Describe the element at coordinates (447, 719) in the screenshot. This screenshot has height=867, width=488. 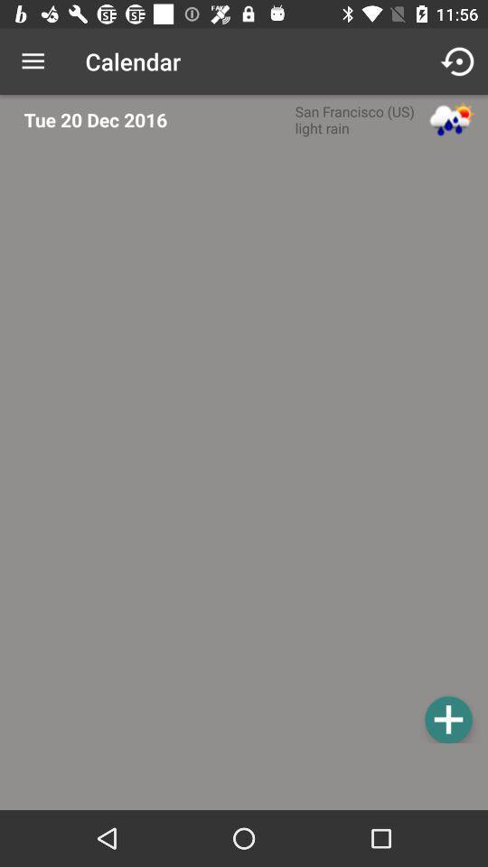
I see `the add icon` at that location.